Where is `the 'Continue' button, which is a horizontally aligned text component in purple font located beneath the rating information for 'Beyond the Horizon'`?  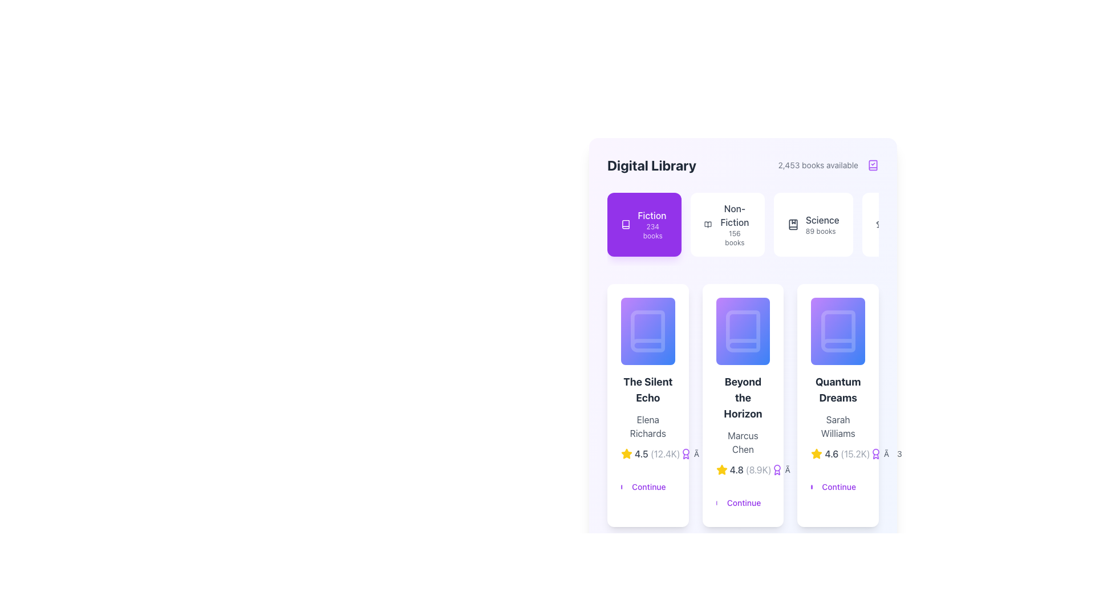
the 'Continue' button, which is a horizontally aligned text component in purple font located beneath the rating information for 'Beyond the Horizon' is located at coordinates (743, 498).